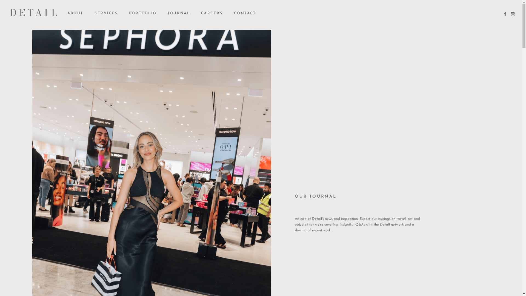 Image resolution: width=526 pixels, height=296 pixels. What do you see at coordinates (95, 13) in the screenshot?
I see `'SERVICES'` at bounding box center [95, 13].